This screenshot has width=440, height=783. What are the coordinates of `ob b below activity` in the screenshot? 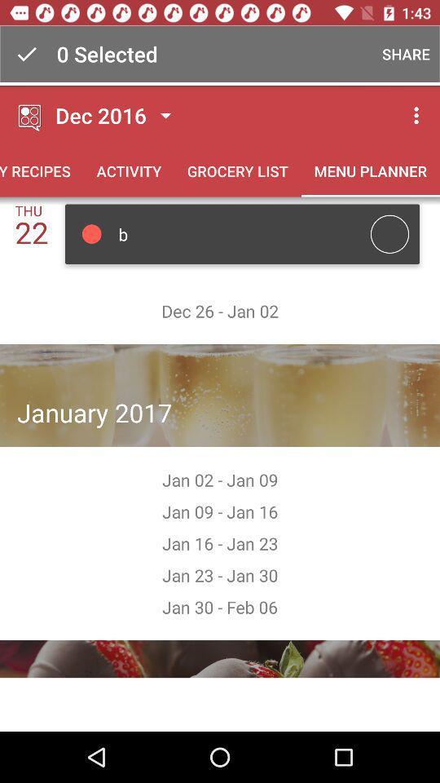 It's located at (241, 233).